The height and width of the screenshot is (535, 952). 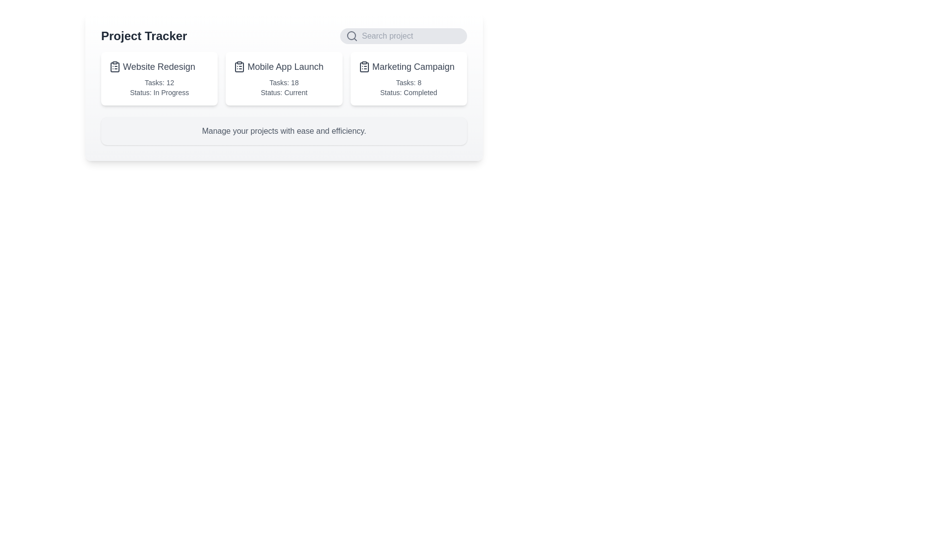 What do you see at coordinates (409, 67) in the screenshot?
I see `text label that identifies the campaign or project located at the upper section of the 'Marketing Campaign' card, which is the third card in a set of horizontally aligned project cards` at bounding box center [409, 67].